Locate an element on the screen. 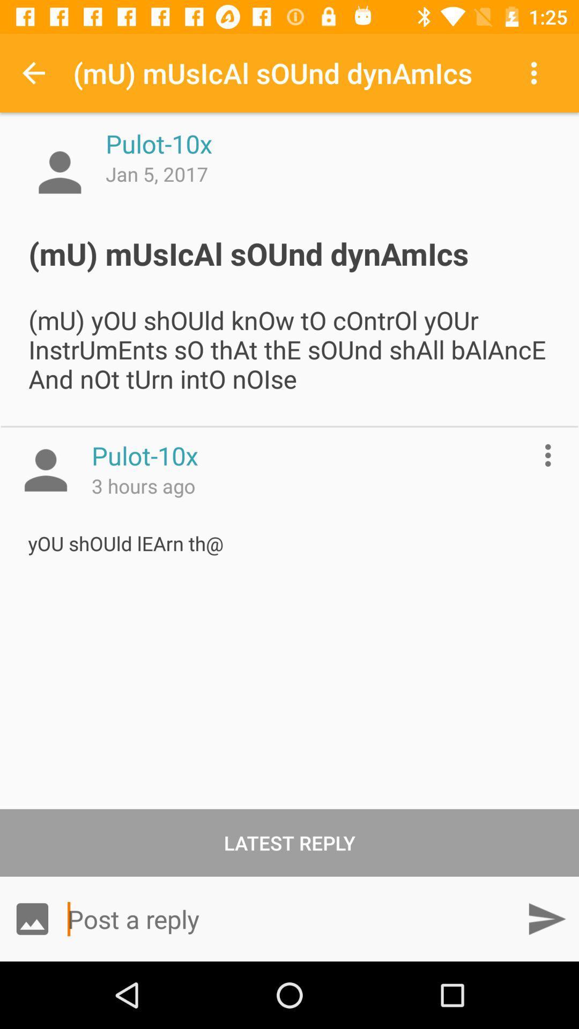 The width and height of the screenshot is (579, 1029). the icon below the latest reply item is located at coordinates (32, 918).